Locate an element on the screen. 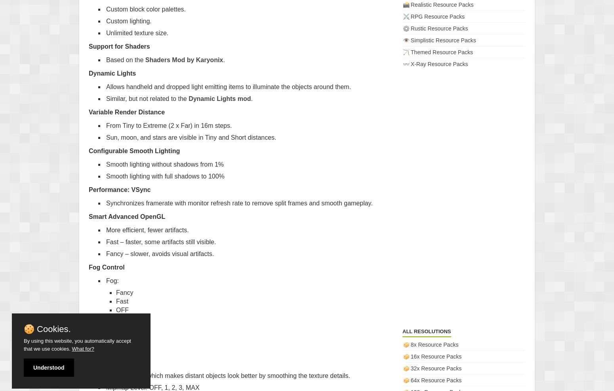  'Fast' is located at coordinates (122, 300).